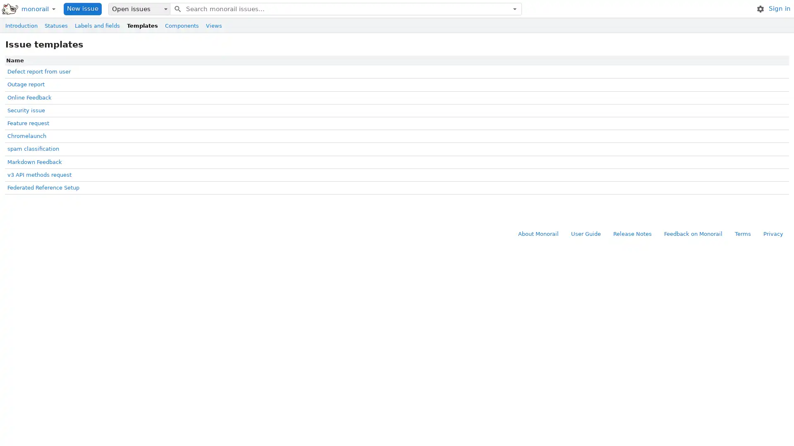 This screenshot has height=446, width=794. I want to click on Search options, so click(514, 8).